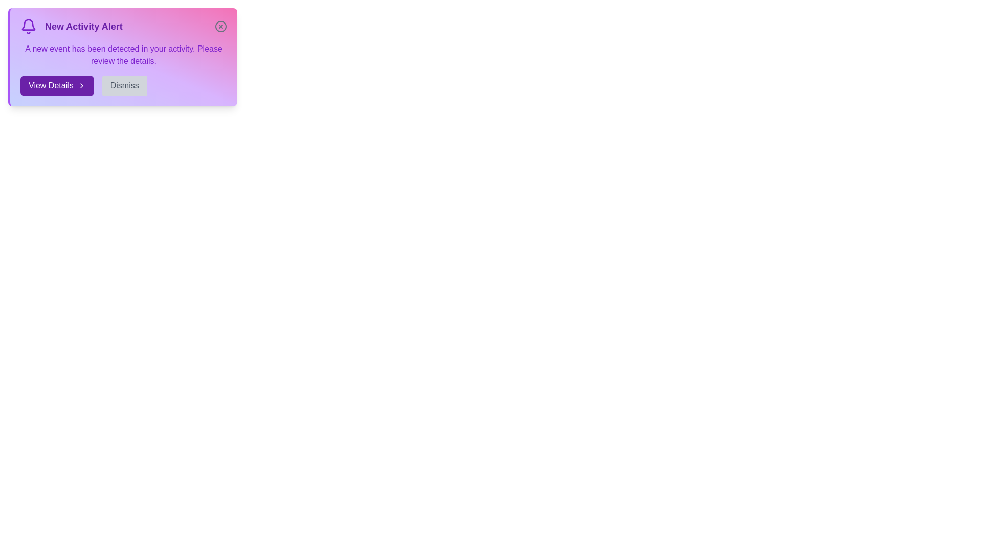 Image resolution: width=982 pixels, height=552 pixels. I want to click on the 'Dismiss' button to hide the notification, so click(124, 85).